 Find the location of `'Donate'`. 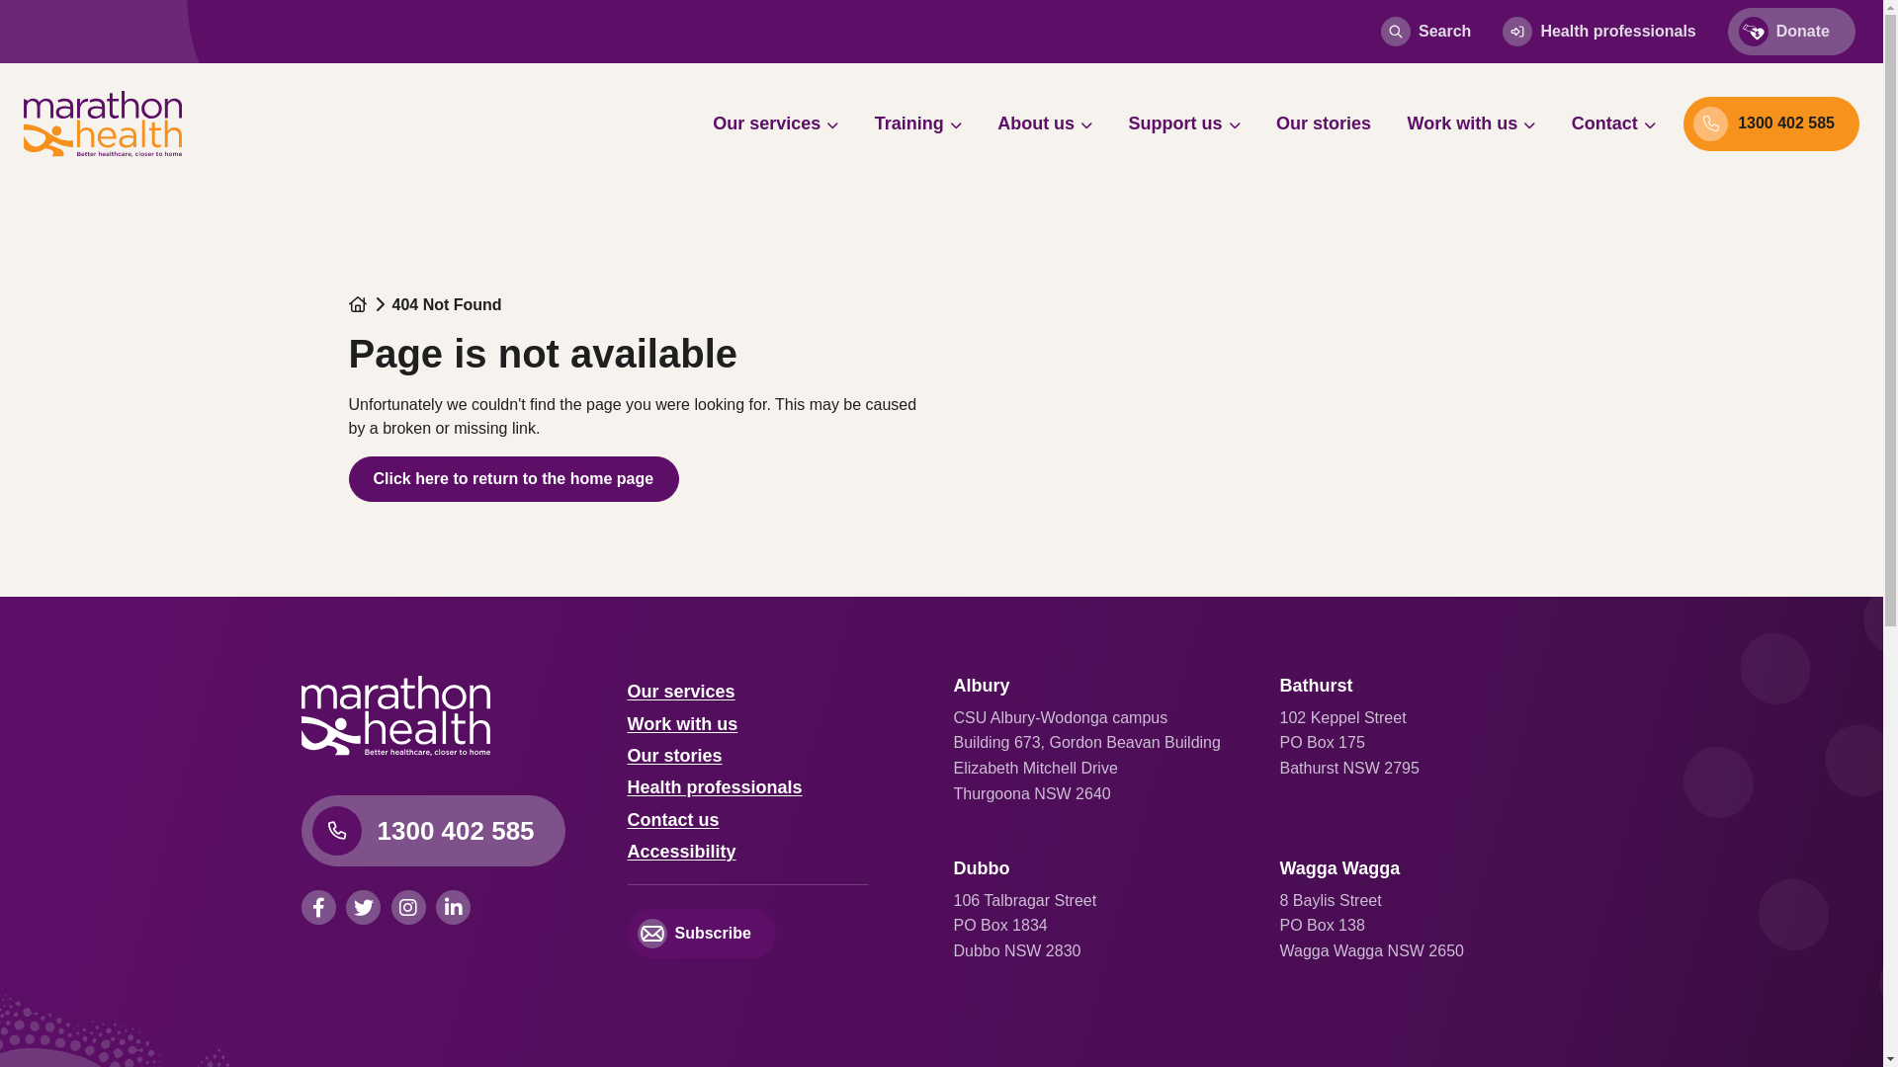

'Donate' is located at coordinates (1726, 31).